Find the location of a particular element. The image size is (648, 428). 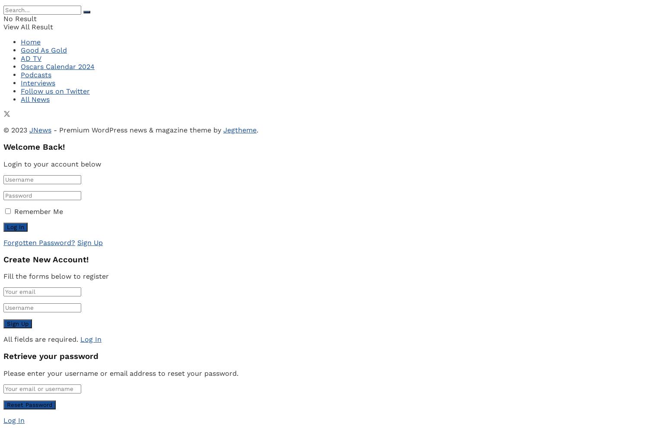

'Jegtheme' is located at coordinates (240, 130).